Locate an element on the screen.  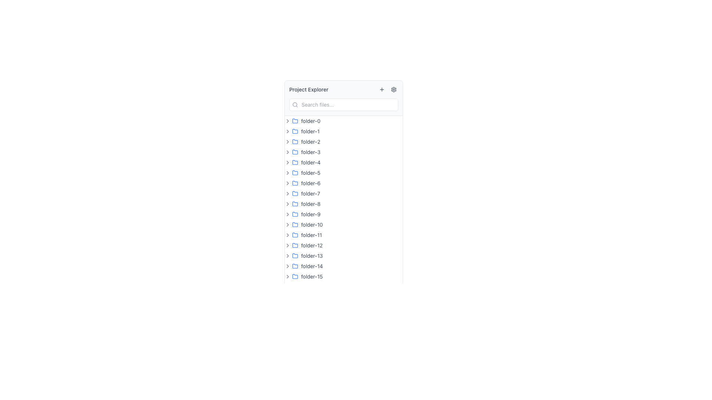
the folder icon representing 'folder-5' is located at coordinates (295, 173).